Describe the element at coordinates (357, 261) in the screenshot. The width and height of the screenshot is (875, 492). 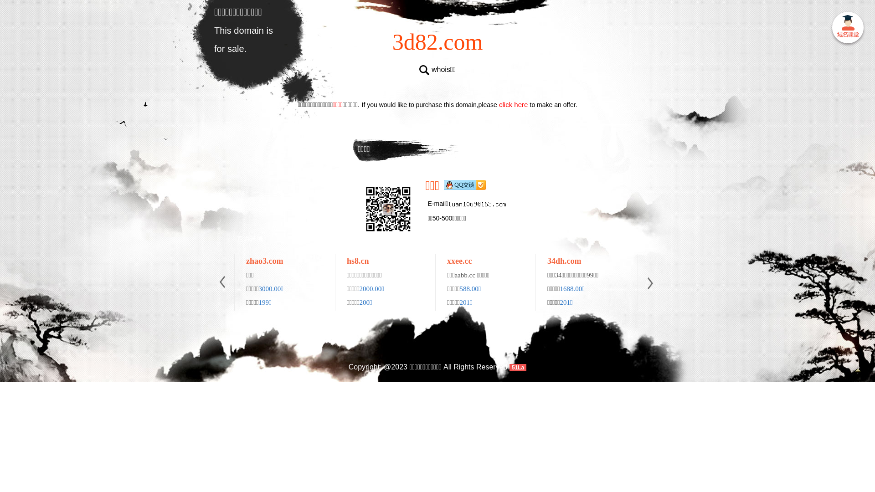
I see `'hs8.cn'` at that location.